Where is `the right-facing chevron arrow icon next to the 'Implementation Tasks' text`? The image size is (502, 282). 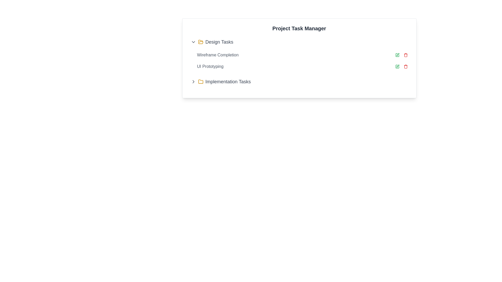
the right-facing chevron arrow icon next to the 'Implementation Tasks' text is located at coordinates (193, 81).